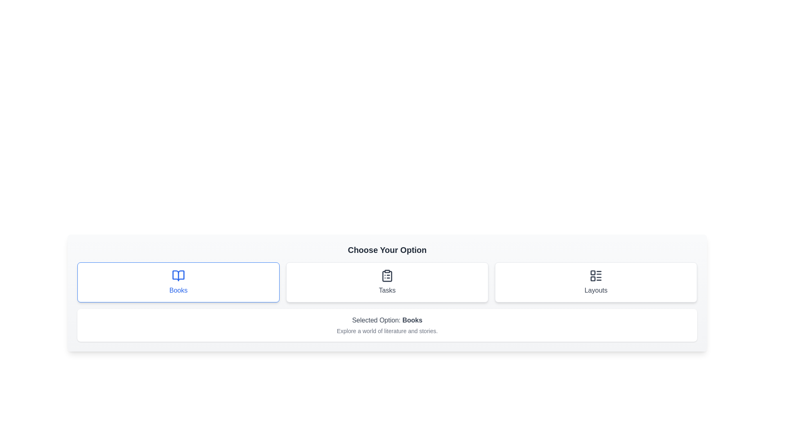  What do you see at coordinates (593, 278) in the screenshot?
I see `the small square block with rounded corners located in the second row and first column of the grid within the icon representing a layout or list option` at bounding box center [593, 278].